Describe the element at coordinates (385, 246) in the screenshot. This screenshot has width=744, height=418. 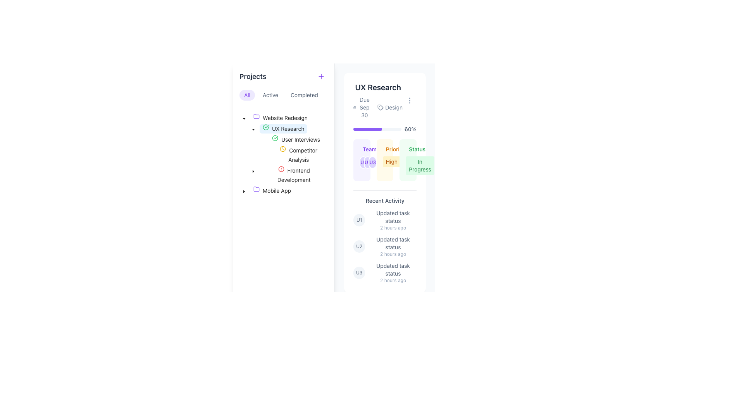
I see `the circular avatar displaying 'U2' or the text 'Updated task status' in the Recent Activity section` at that location.